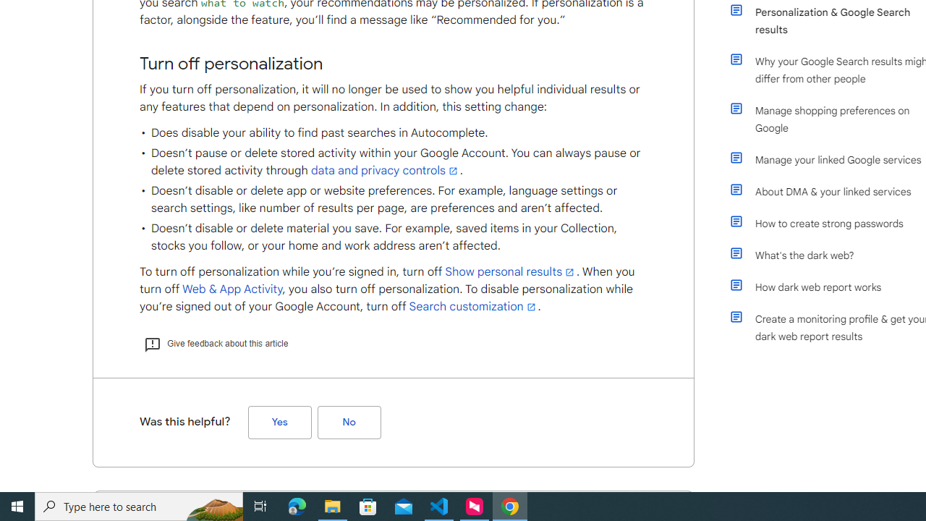 This screenshot has height=521, width=926. I want to click on 'Yes (Was this helpful?)', so click(279, 422).